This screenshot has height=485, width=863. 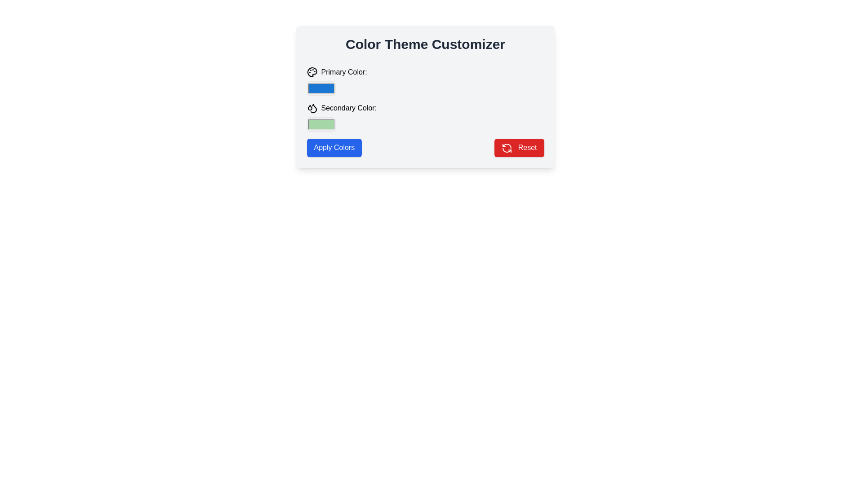 What do you see at coordinates (321, 124) in the screenshot?
I see `the color input field located to the right of the 'Secondary Color:' label by using the keyboard for accessibility purposes` at bounding box center [321, 124].